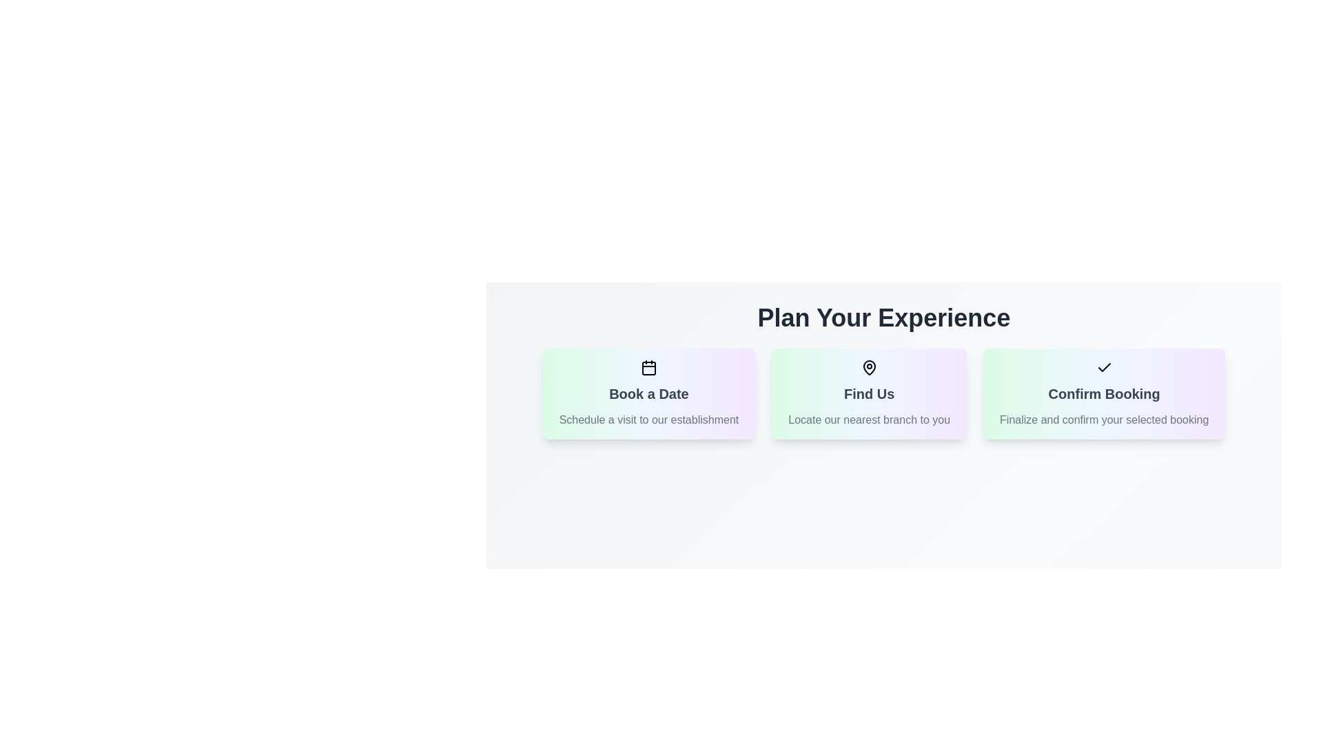 The image size is (1323, 744). What do you see at coordinates (1104, 366) in the screenshot?
I see `the checkmark icon located in the 'Confirm Booking' section, which serves as a visual indication for selection or confirmation` at bounding box center [1104, 366].